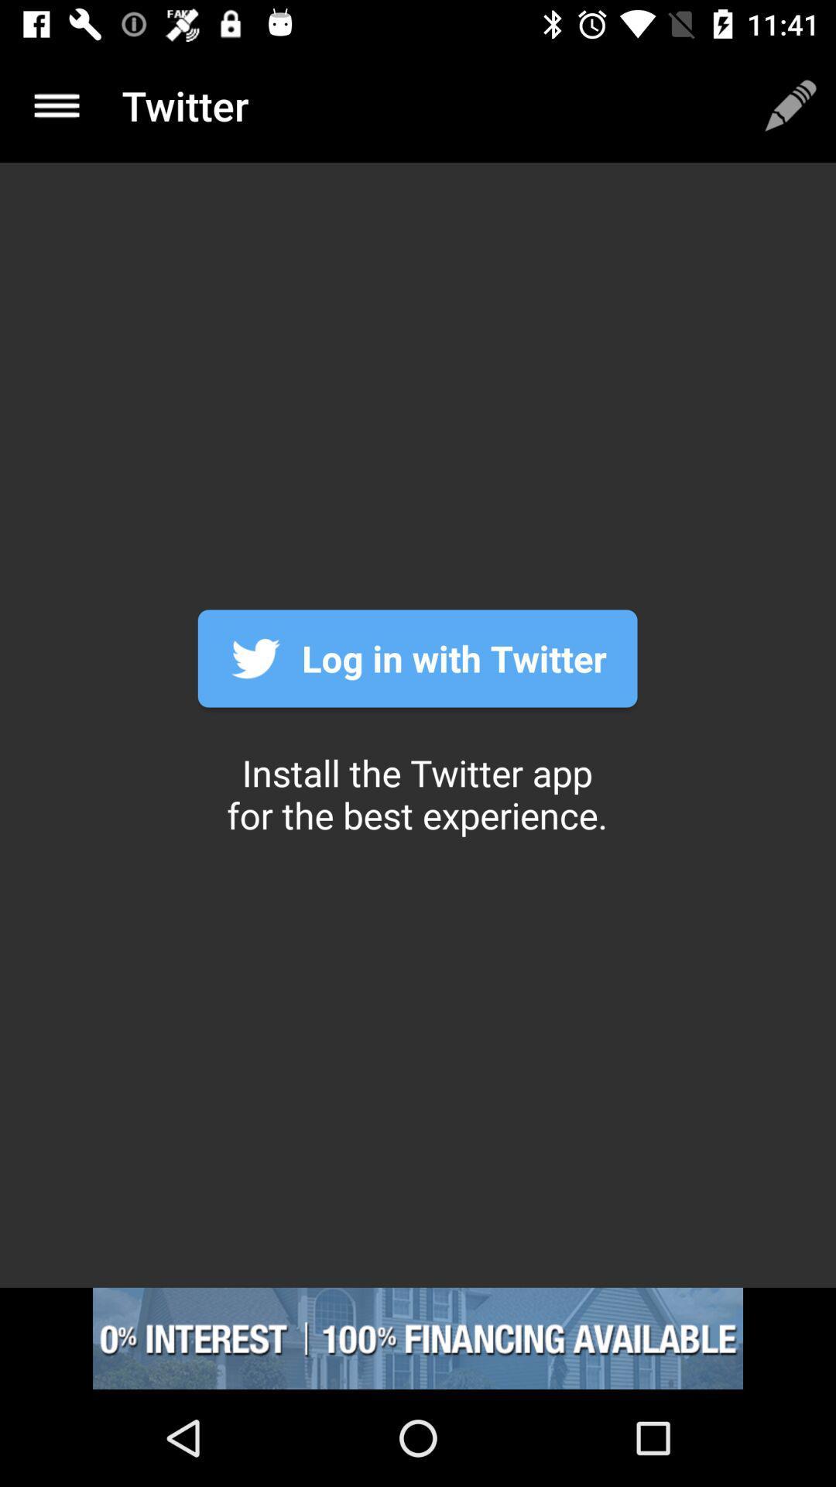 The height and width of the screenshot is (1487, 836). What do you see at coordinates (56, 105) in the screenshot?
I see `the menu icon` at bounding box center [56, 105].